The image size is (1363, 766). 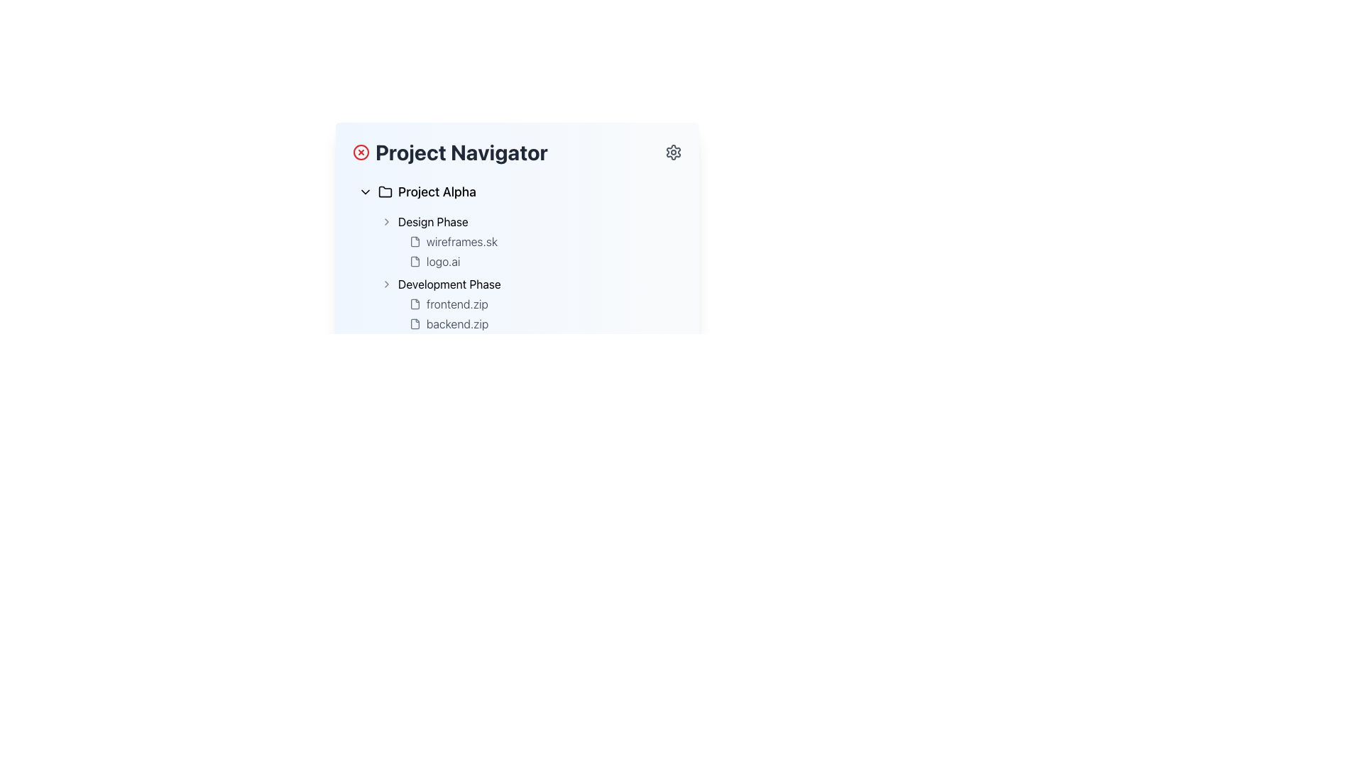 I want to click on the text label for 'Project Alpha' located in the project navigation panel, which serves as an identifier within the vertical list under the 'Project Navigator' section, so click(x=436, y=191).